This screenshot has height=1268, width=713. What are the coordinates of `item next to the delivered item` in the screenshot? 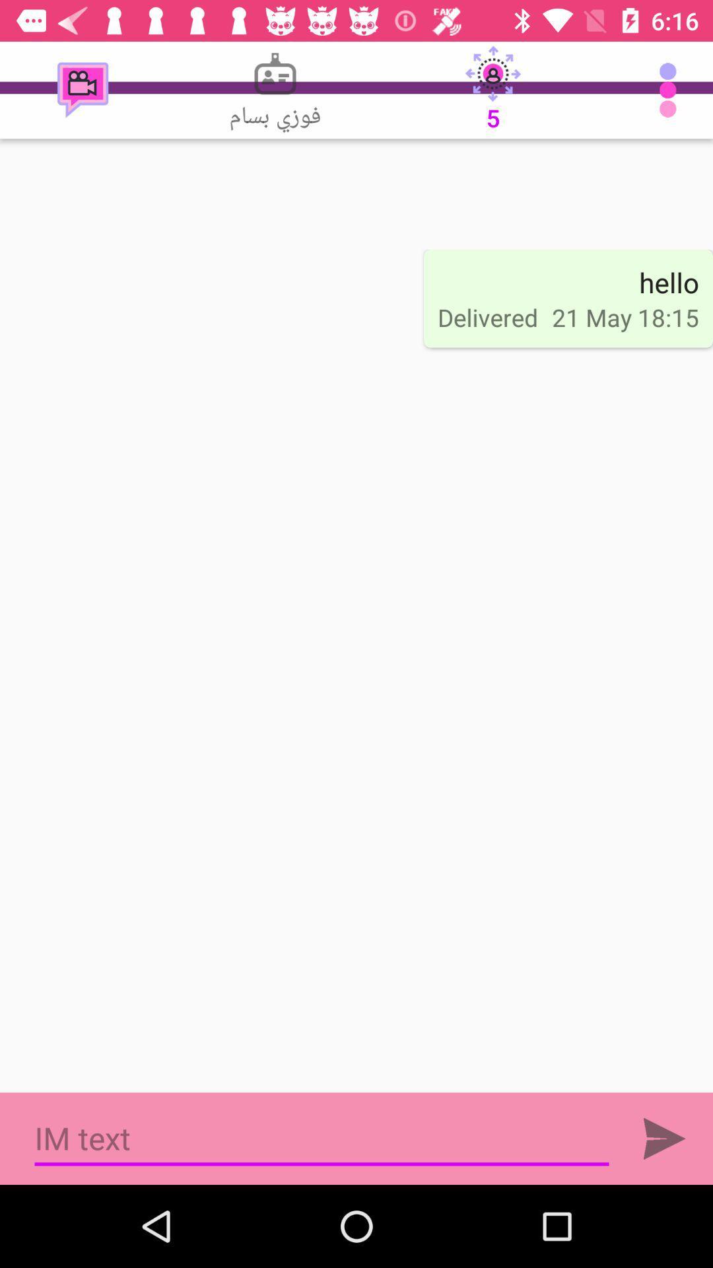 It's located at (625, 317).